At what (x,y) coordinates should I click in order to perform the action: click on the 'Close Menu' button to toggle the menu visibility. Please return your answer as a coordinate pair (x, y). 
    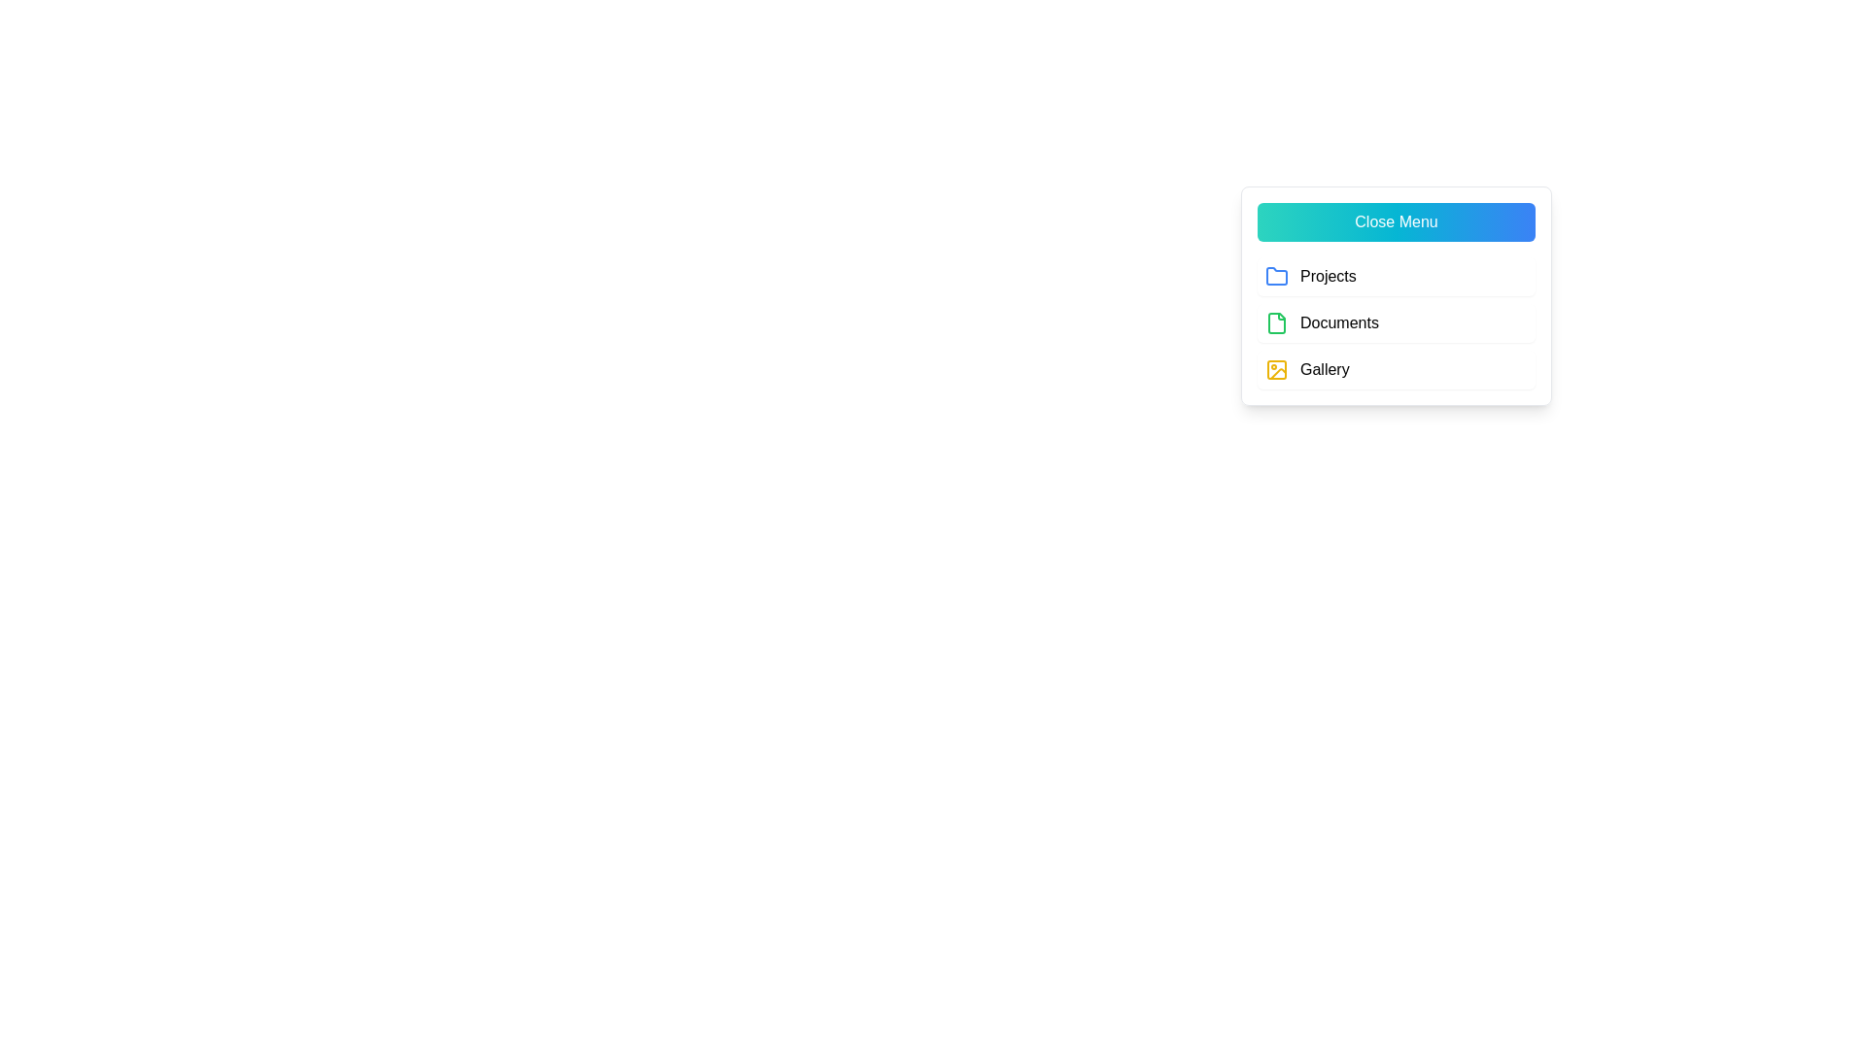
    Looking at the image, I should click on (1395, 220).